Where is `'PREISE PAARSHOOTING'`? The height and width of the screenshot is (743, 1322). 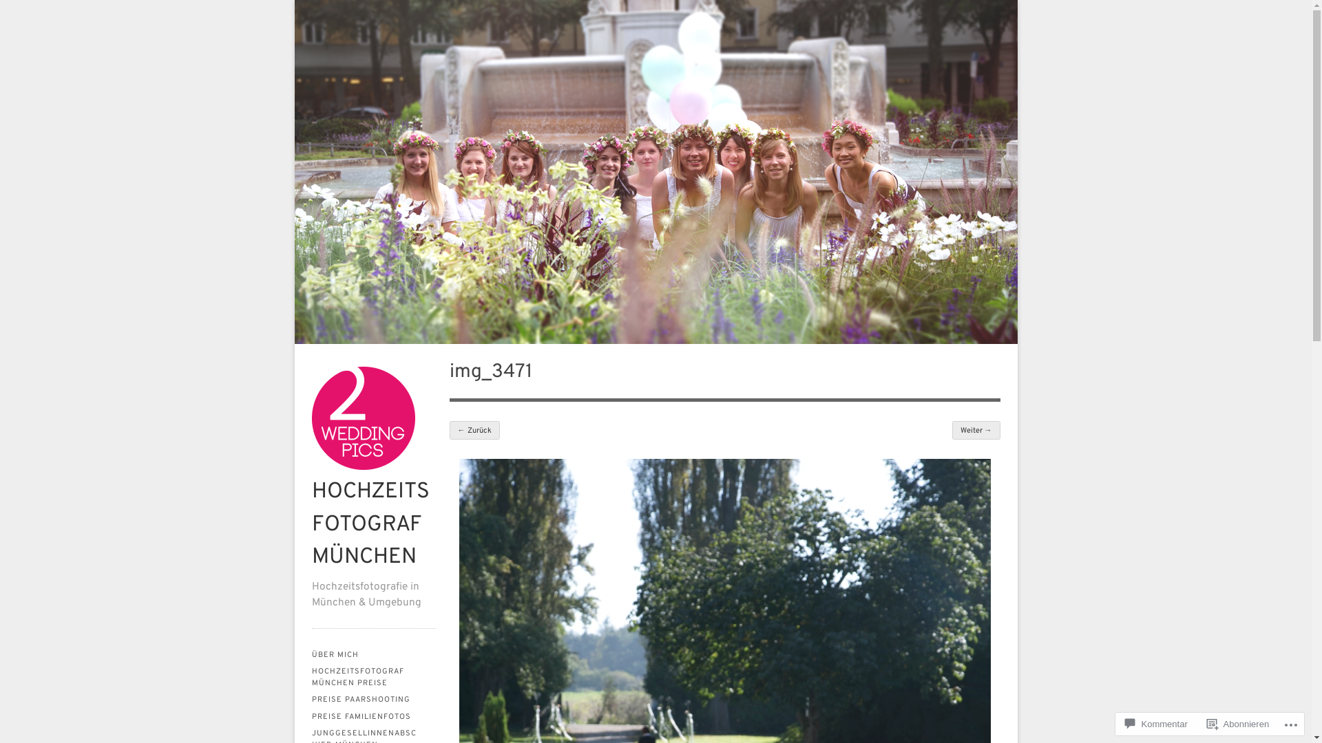 'PREISE PAARSHOOTING' is located at coordinates (373, 700).